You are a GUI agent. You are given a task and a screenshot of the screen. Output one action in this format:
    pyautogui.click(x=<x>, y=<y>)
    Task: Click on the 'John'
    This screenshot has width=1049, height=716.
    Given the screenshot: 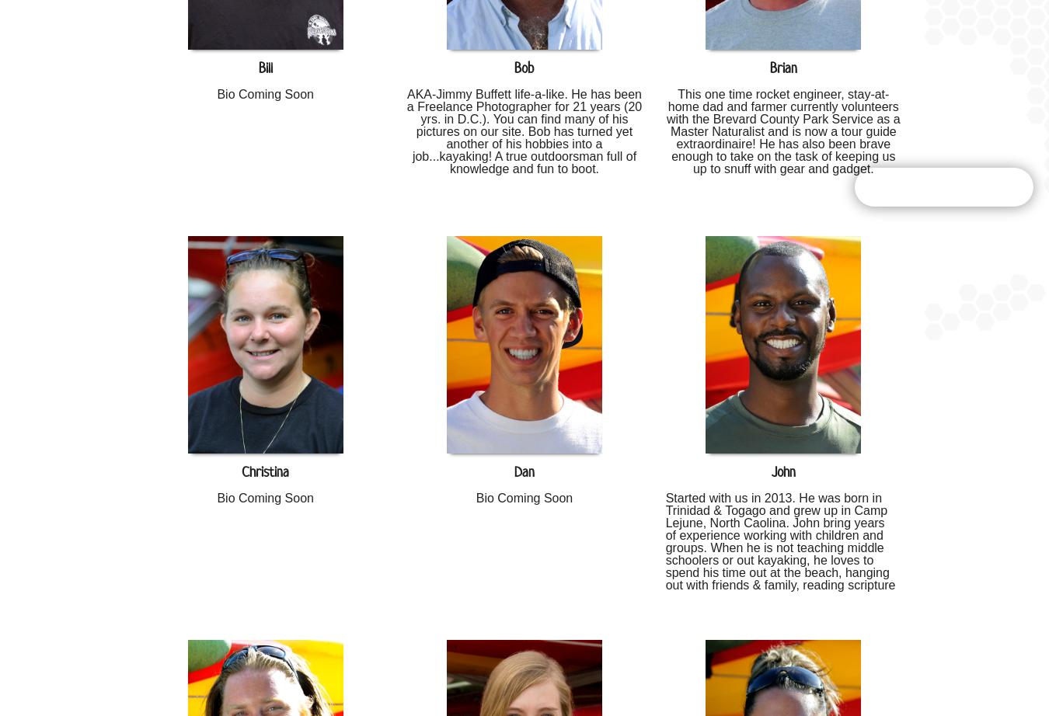 What is the action you would take?
    pyautogui.click(x=782, y=471)
    